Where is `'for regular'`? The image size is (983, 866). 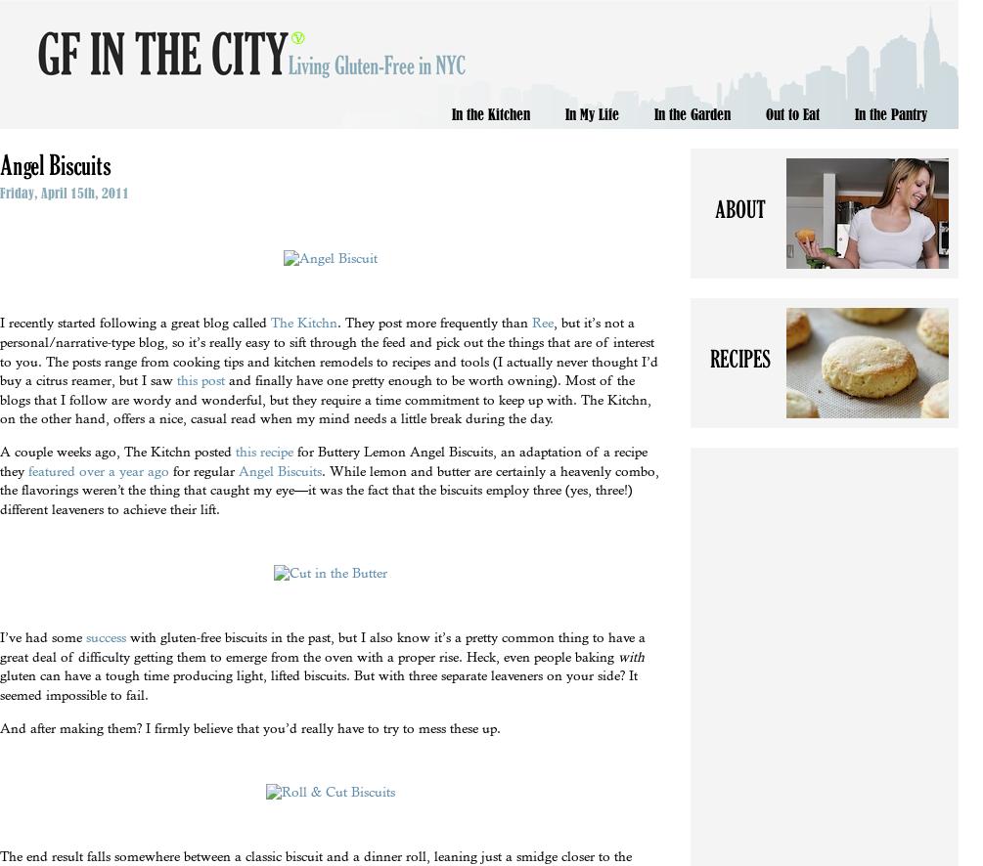
'for regular' is located at coordinates (202, 469).